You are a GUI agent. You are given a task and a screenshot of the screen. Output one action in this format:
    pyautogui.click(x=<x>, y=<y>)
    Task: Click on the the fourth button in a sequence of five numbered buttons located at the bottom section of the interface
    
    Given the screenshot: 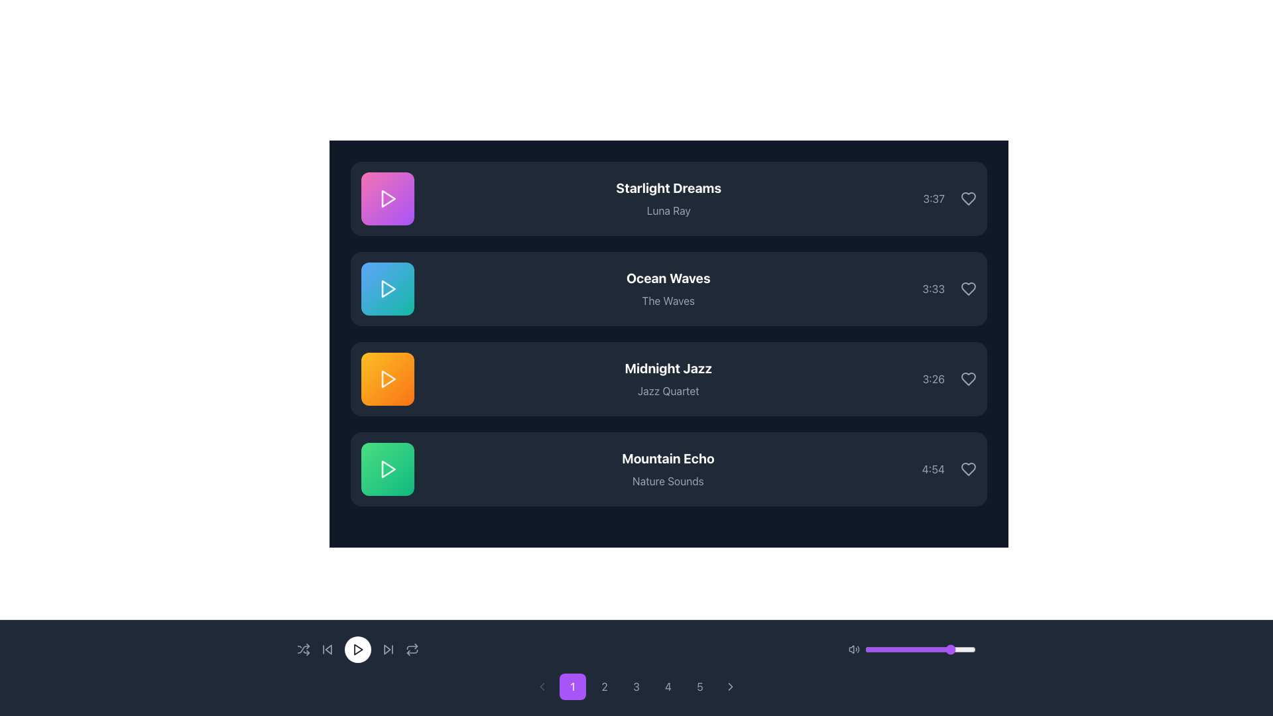 What is the action you would take?
    pyautogui.click(x=668, y=686)
    